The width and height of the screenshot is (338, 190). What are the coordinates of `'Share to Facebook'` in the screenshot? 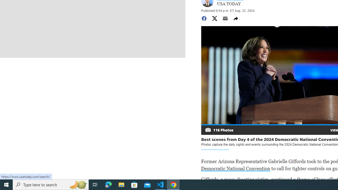 It's located at (204, 18).